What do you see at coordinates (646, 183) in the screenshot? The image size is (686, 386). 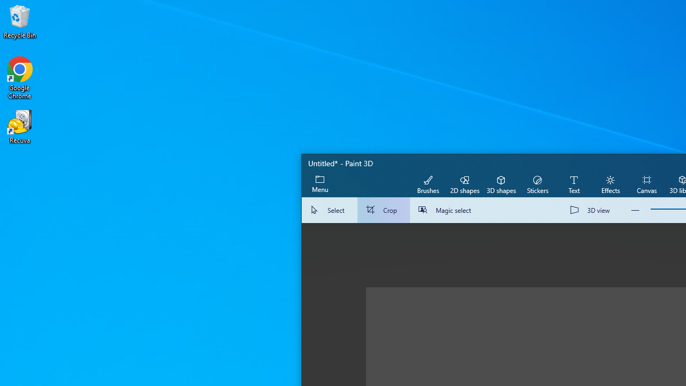 I see `'Canvas'` at bounding box center [646, 183].